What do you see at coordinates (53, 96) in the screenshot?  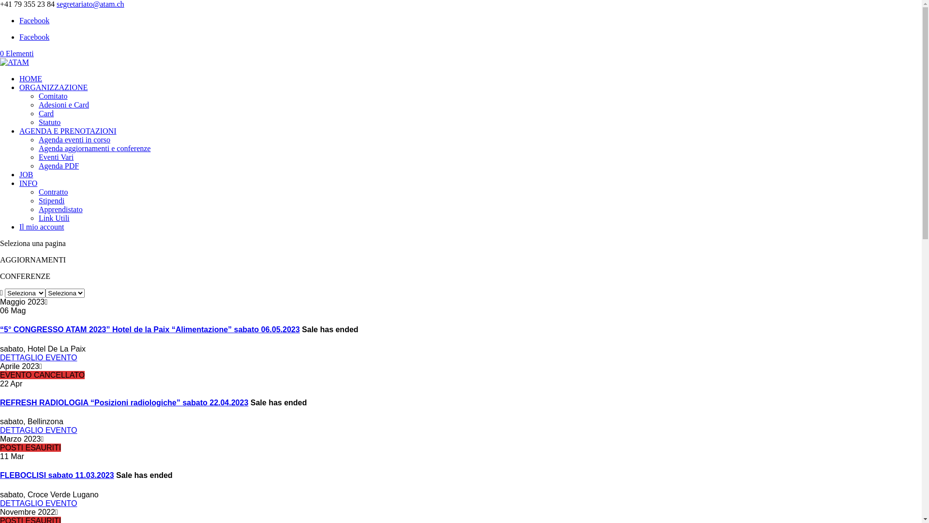 I see `'Comitato'` at bounding box center [53, 96].